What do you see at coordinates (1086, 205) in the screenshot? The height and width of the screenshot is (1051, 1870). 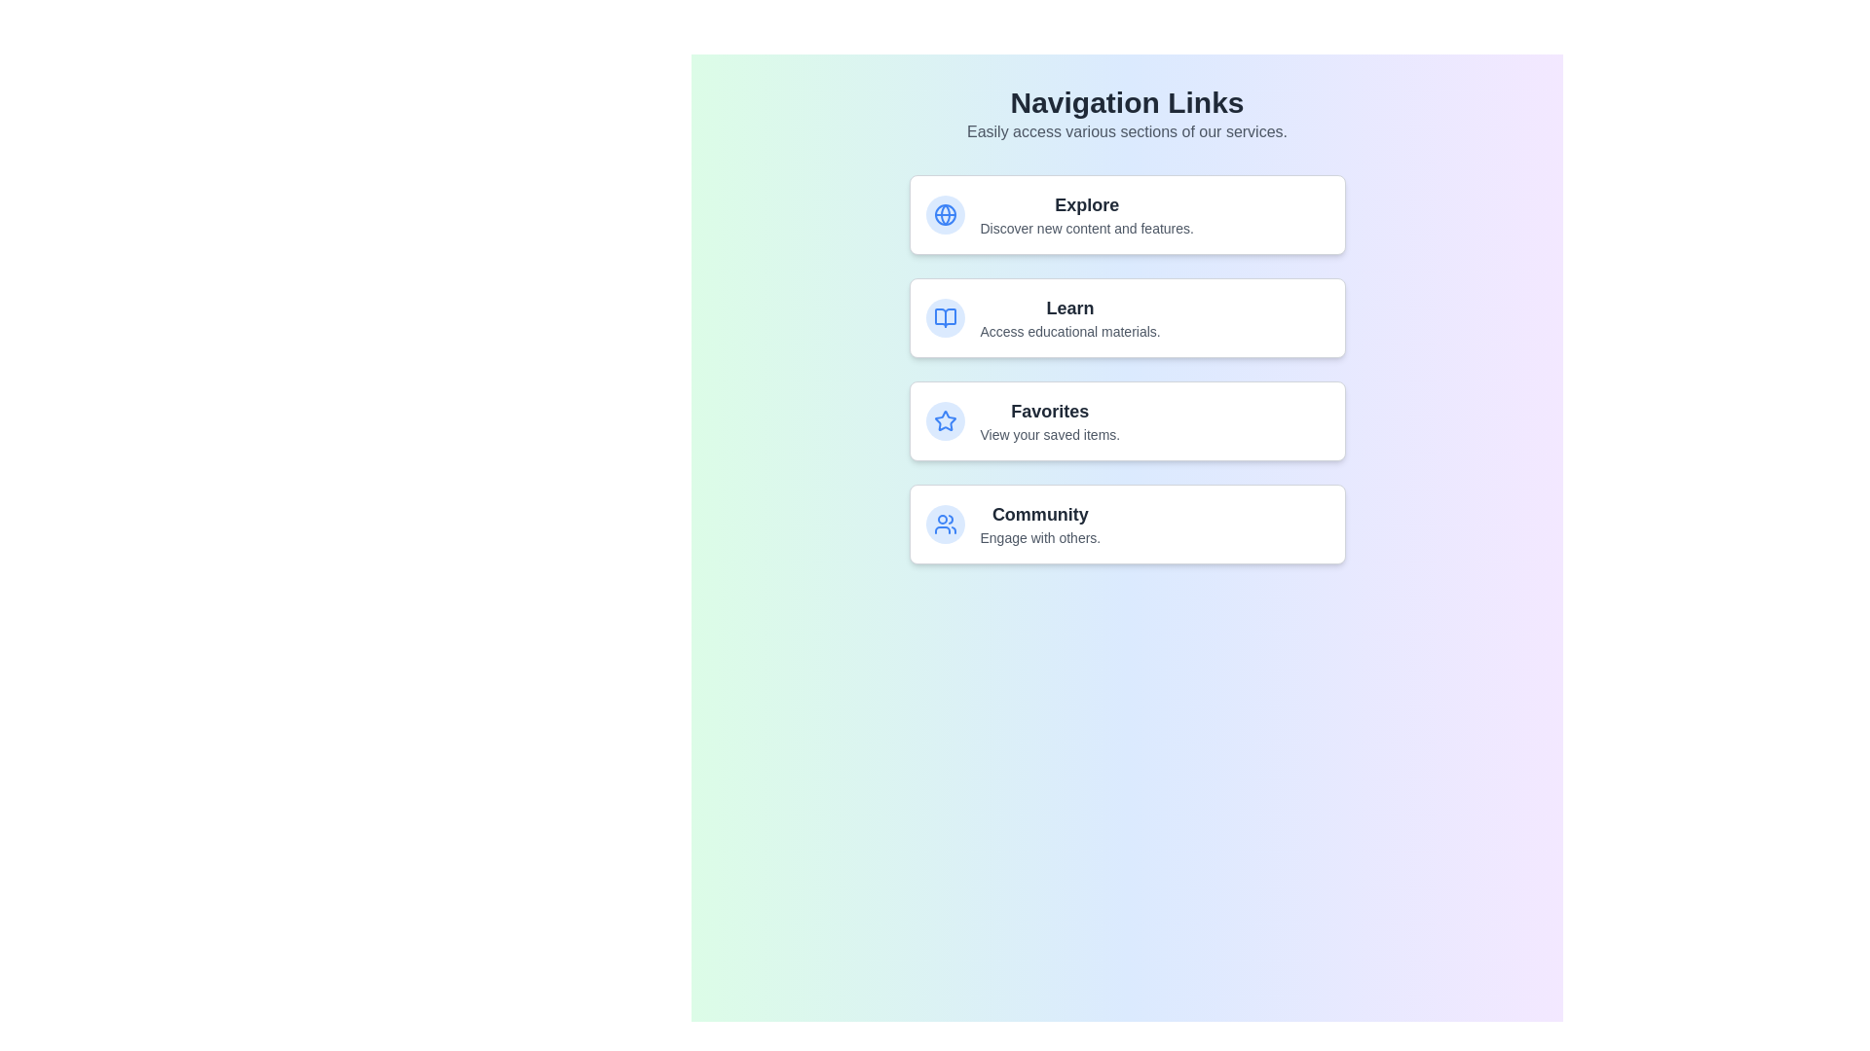 I see `the text 'Explore' styled in bold and dark gray` at bounding box center [1086, 205].